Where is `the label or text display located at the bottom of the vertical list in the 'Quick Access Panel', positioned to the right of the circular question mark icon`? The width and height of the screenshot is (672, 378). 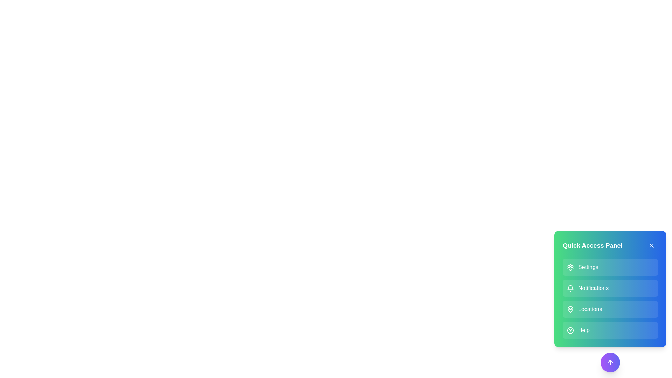
the label or text display located at the bottom of the vertical list in the 'Quick Access Panel', positioned to the right of the circular question mark icon is located at coordinates (584, 330).